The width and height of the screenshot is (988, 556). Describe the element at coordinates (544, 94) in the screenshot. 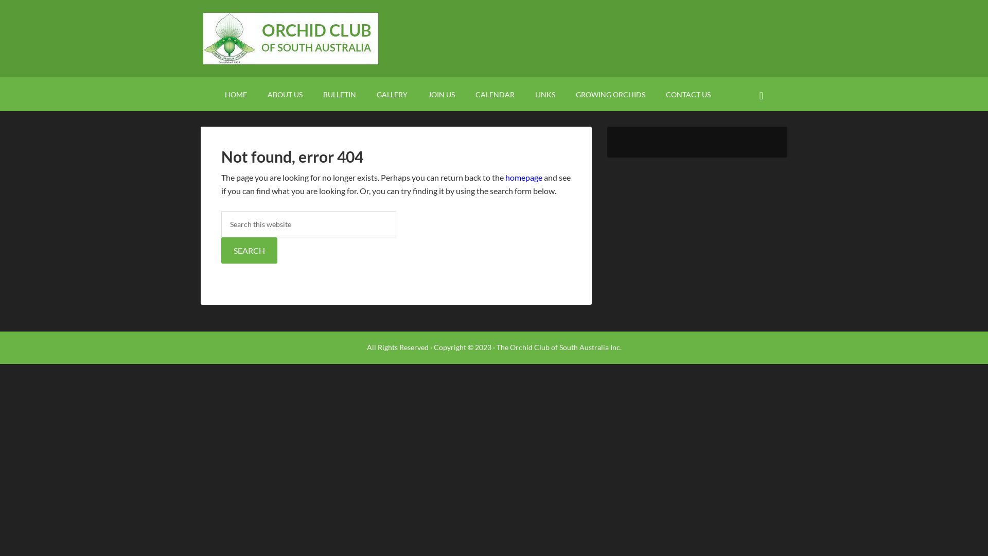

I see `'LINKS'` at that location.